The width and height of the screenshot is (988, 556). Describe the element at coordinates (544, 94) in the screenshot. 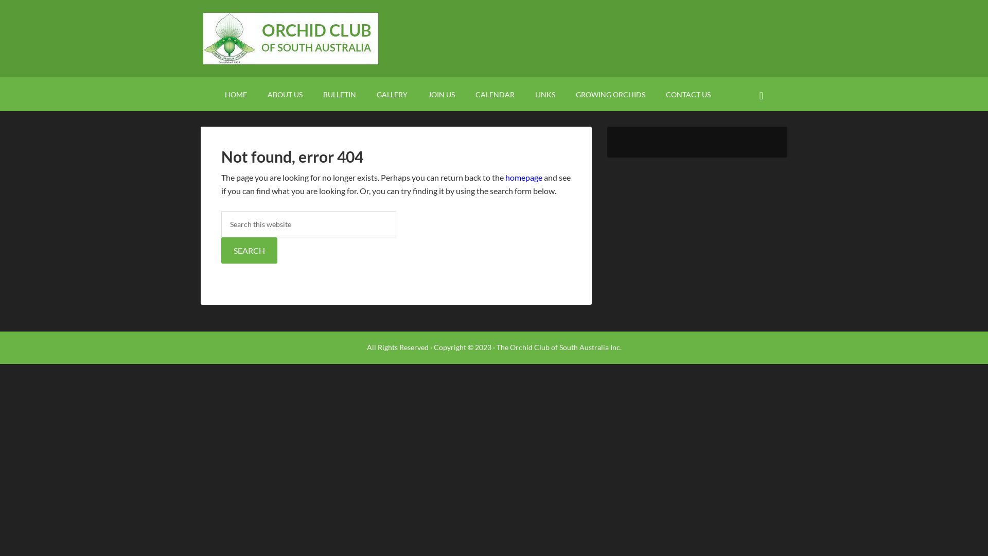

I see `'LINKS'` at that location.